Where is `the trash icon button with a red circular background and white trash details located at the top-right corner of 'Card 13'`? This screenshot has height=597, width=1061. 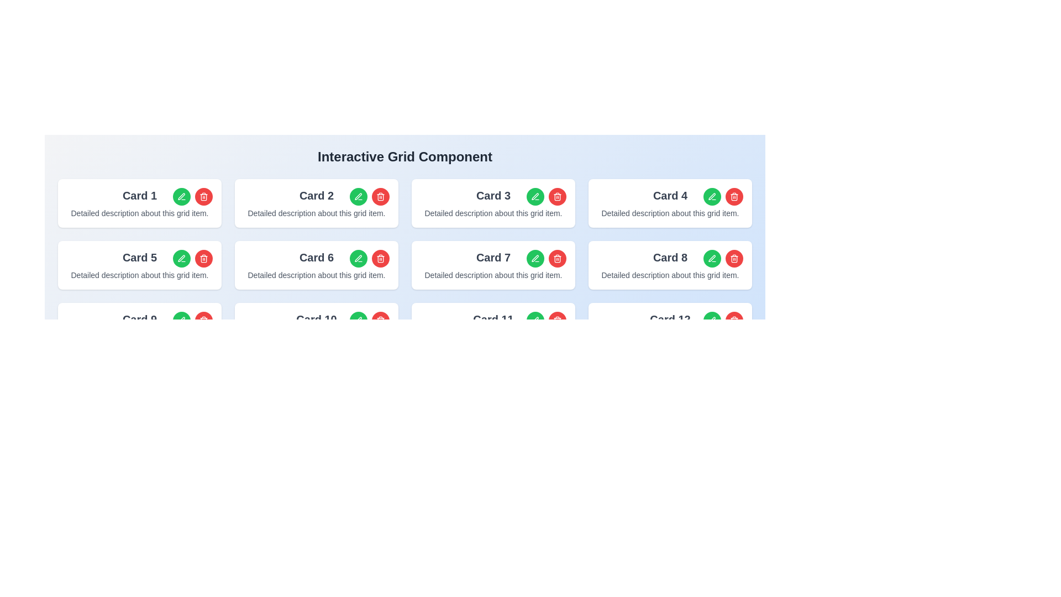
the trash icon button with a red circular background and white trash details located at the top-right corner of 'Card 13' is located at coordinates (734, 320).